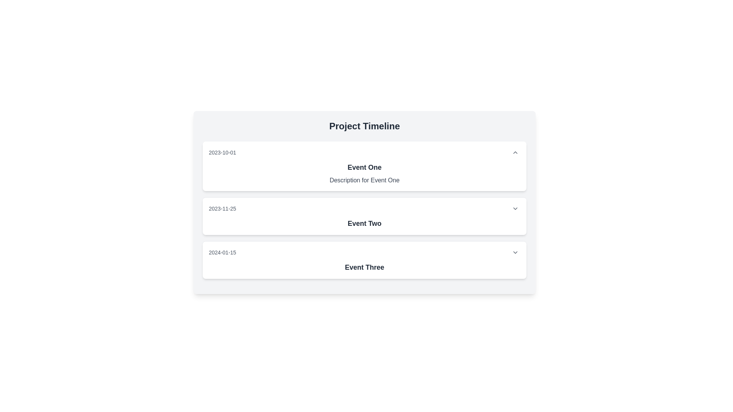 The height and width of the screenshot is (412, 733). I want to click on the button located to the right of the date '2023-10-01', so click(515, 153).